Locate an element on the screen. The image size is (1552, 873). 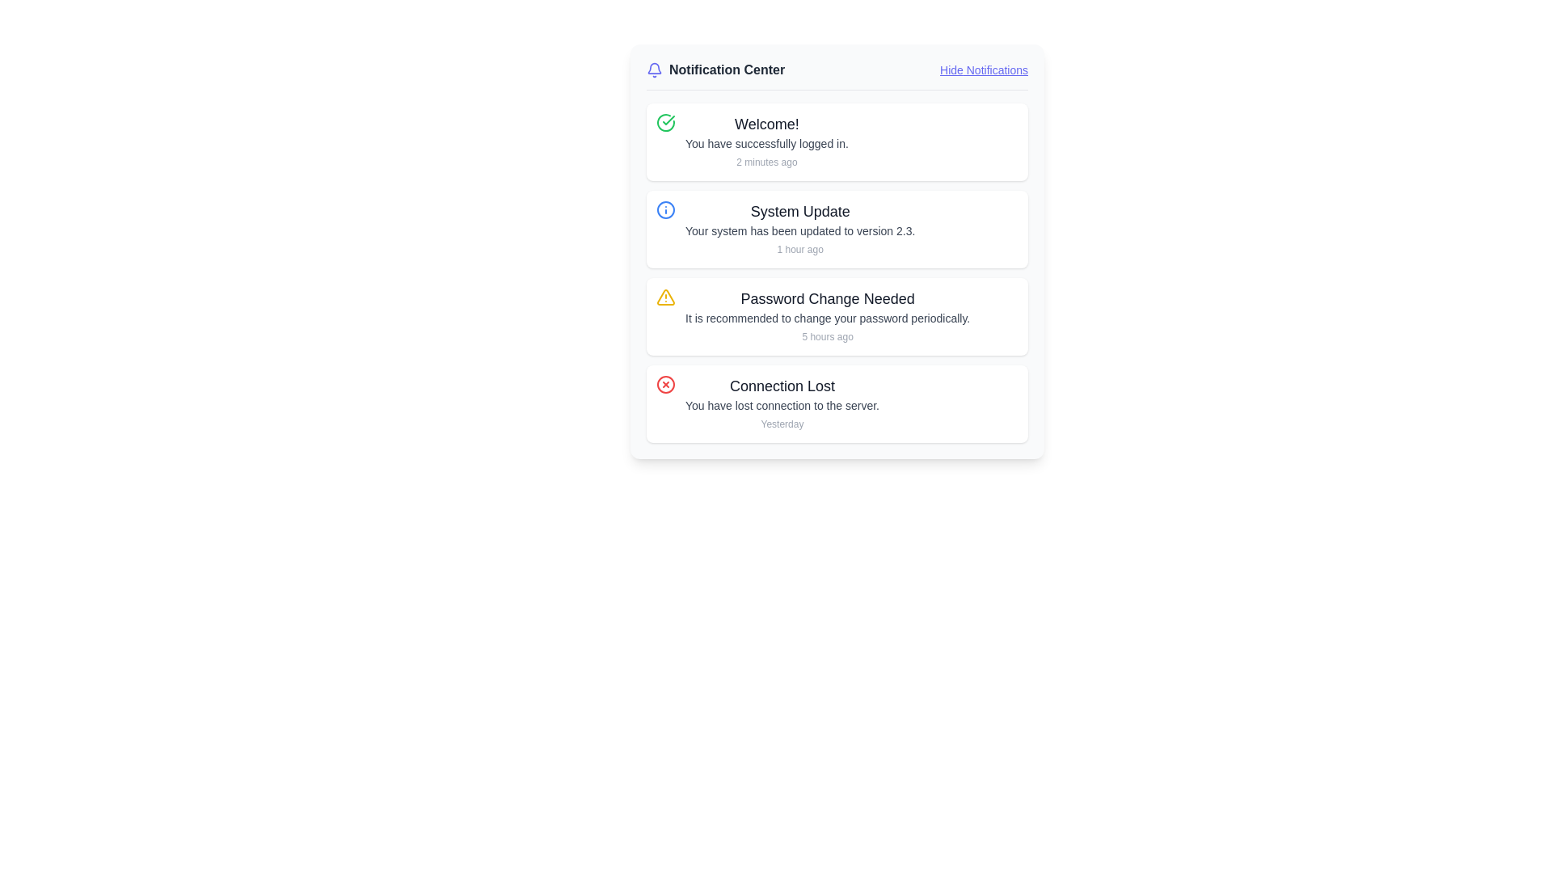
the alert icon that indicates a 'Password Change Needed' notification, positioned as the leftmost component within the notification text is located at coordinates (666, 297).